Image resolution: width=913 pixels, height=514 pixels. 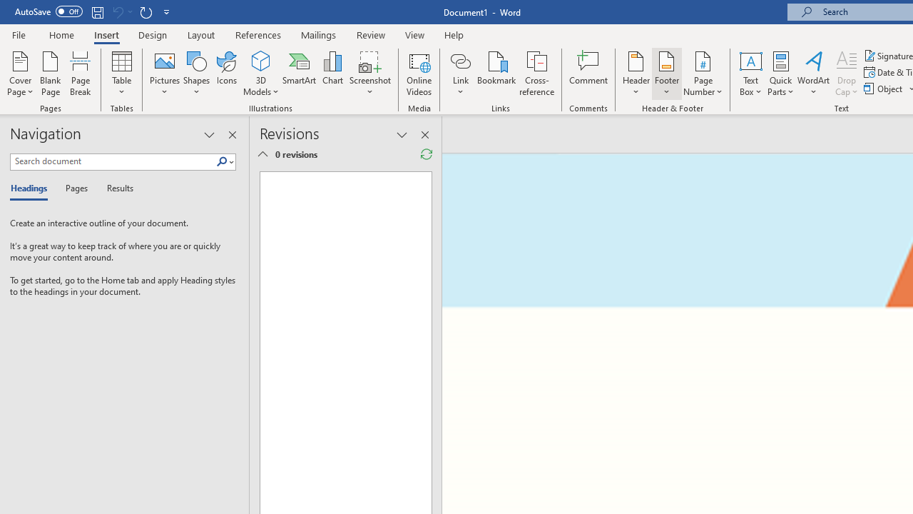 What do you see at coordinates (80, 74) in the screenshot?
I see `'Page Break'` at bounding box center [80, 74].